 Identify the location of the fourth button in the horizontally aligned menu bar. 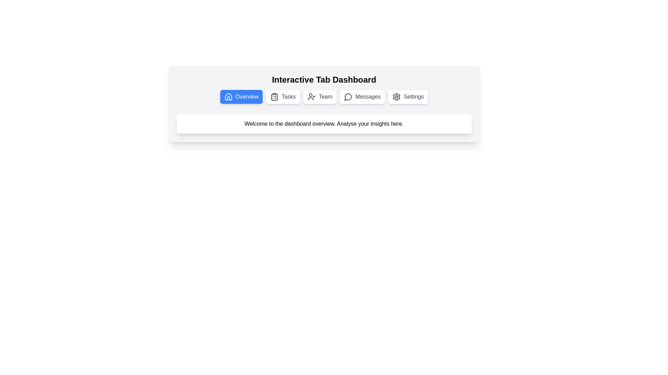
(362, 97).